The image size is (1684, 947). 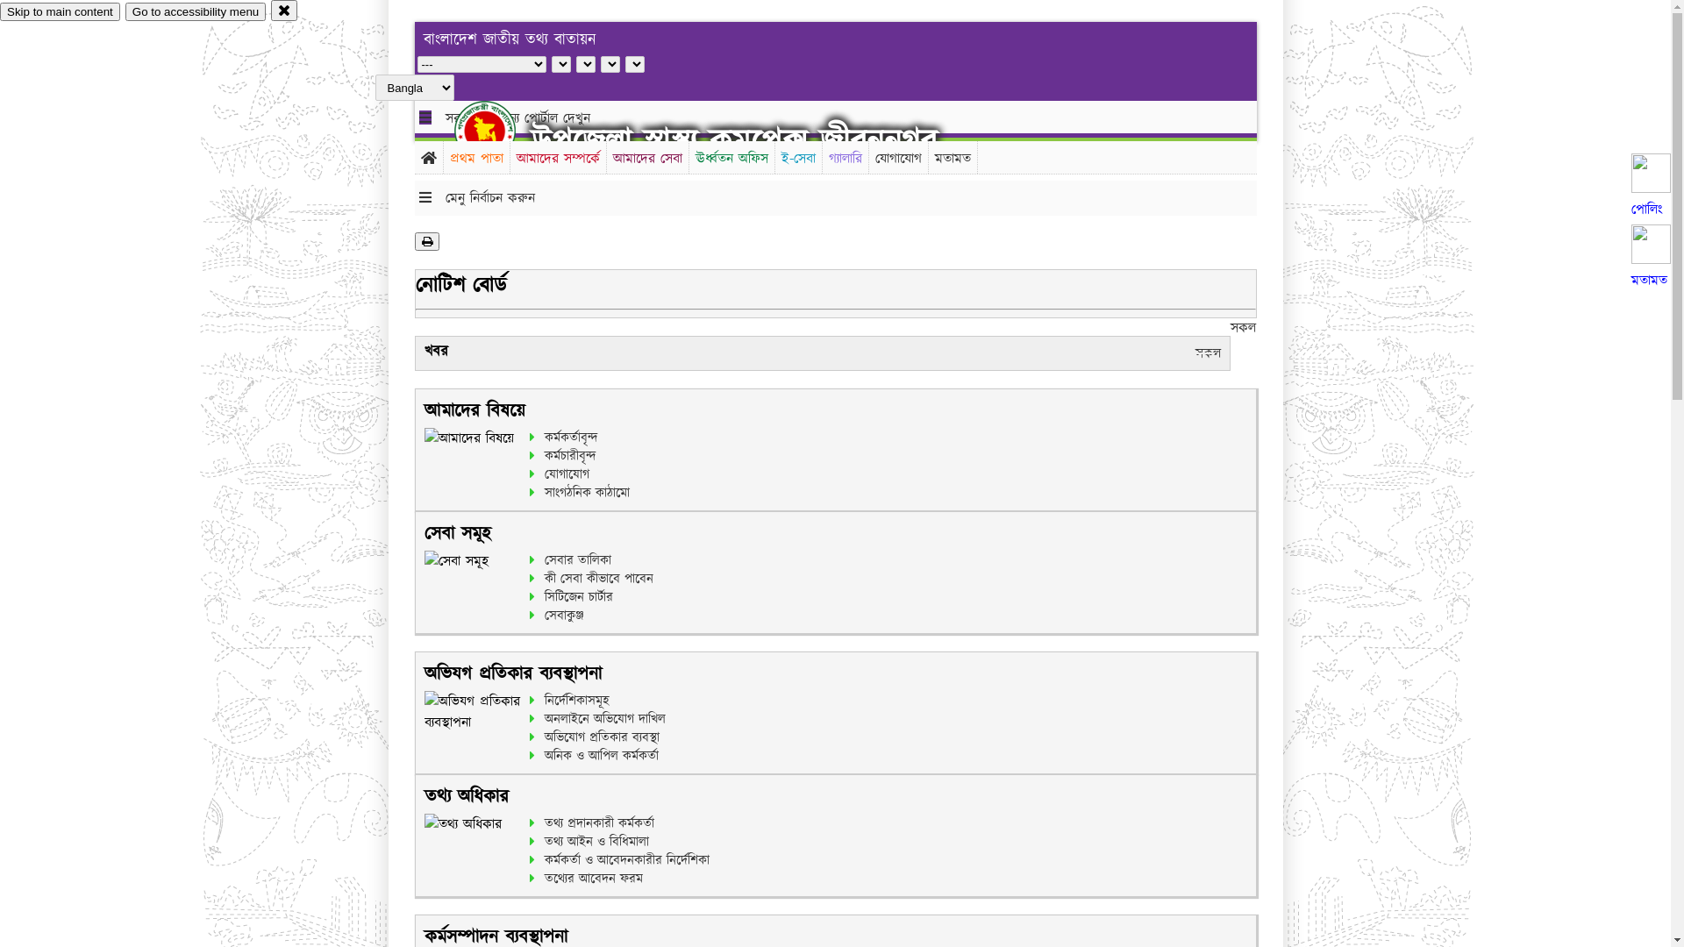 I want to click on 'close', so click(x=284, y=10).